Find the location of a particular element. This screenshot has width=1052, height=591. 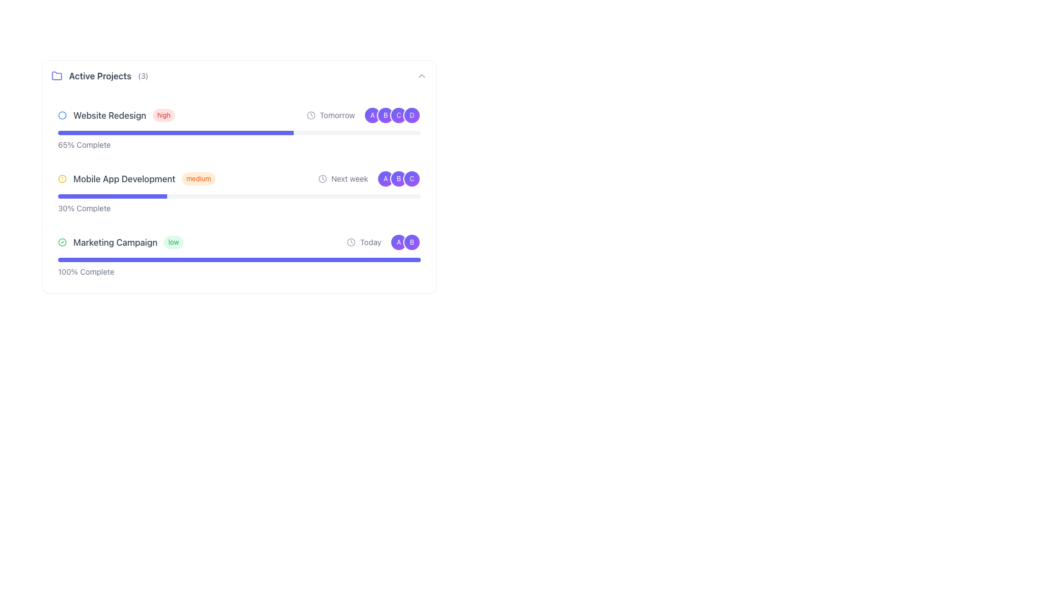

the clock icon that indicates a time-related attribute associated with the 'Today' label, positioned to the left of the 'Today' text in the Marketing Campaign list item is located at coordinates (351, 242).